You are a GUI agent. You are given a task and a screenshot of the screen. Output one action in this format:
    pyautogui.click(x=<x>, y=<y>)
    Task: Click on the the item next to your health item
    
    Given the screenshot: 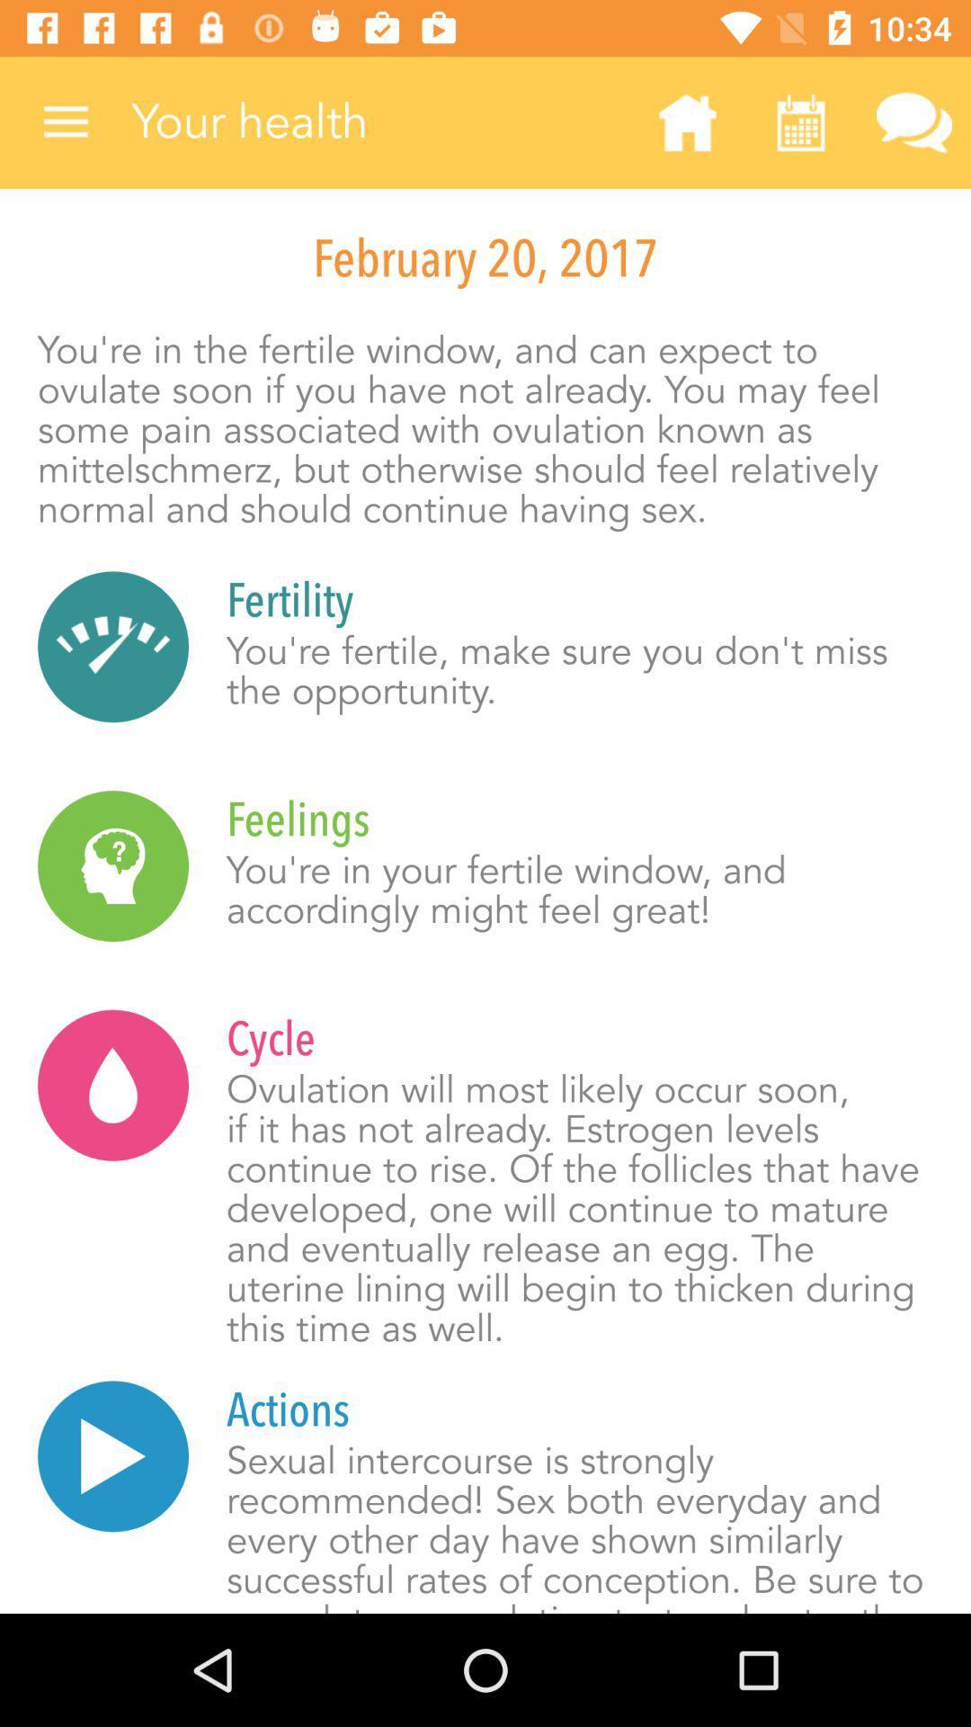 What is the action you would take?
    pyautogui.click(x=65, y=121)
    